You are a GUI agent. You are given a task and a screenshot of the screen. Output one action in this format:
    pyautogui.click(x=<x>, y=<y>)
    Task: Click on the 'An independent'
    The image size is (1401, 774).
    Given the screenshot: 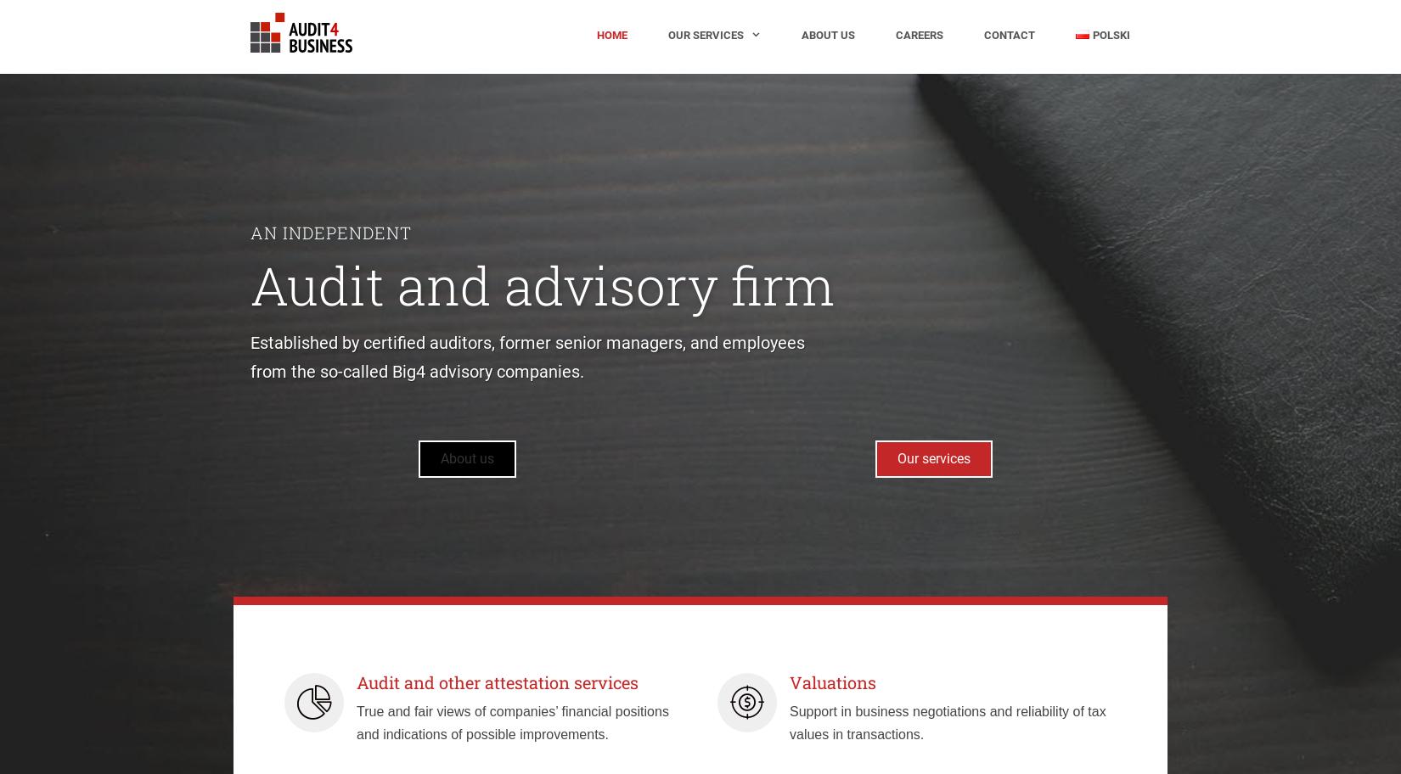 What is the action you would take?
    pyautogui.click(x=331, y=231)
    